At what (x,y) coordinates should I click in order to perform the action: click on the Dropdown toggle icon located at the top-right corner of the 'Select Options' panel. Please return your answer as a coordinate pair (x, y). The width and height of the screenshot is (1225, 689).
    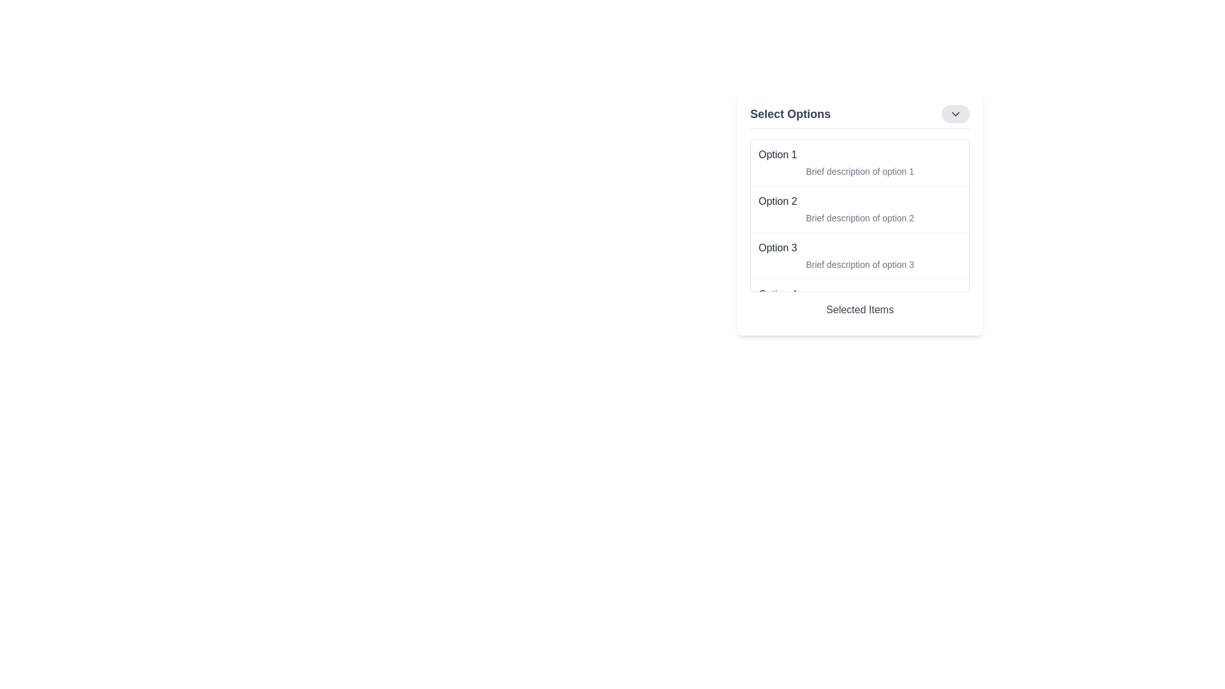
    Looking at the image, I should click on (955, 113).